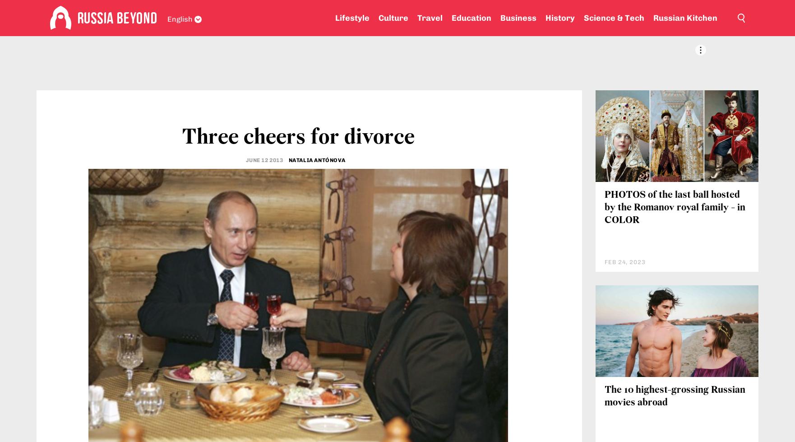 The width and height of the screenshot is (795, 442). I want to click on 'English', so click(167, 19).